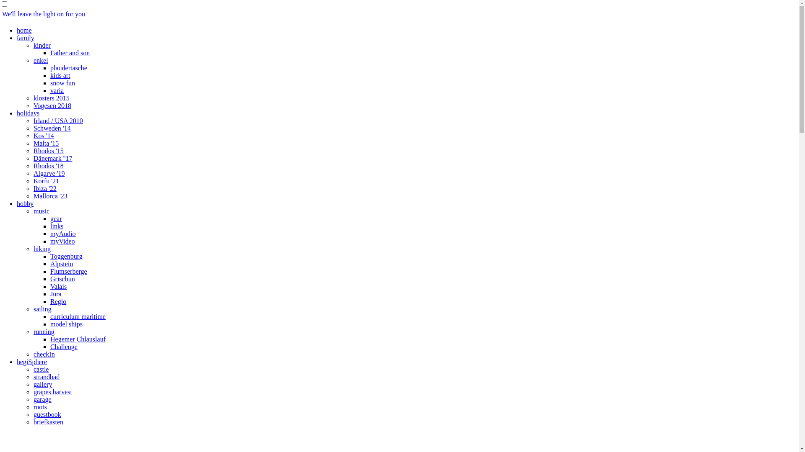 Image resolution: width=805 pixels, height=452 pixels. I want to click on 'enkel', so click(40, 60).